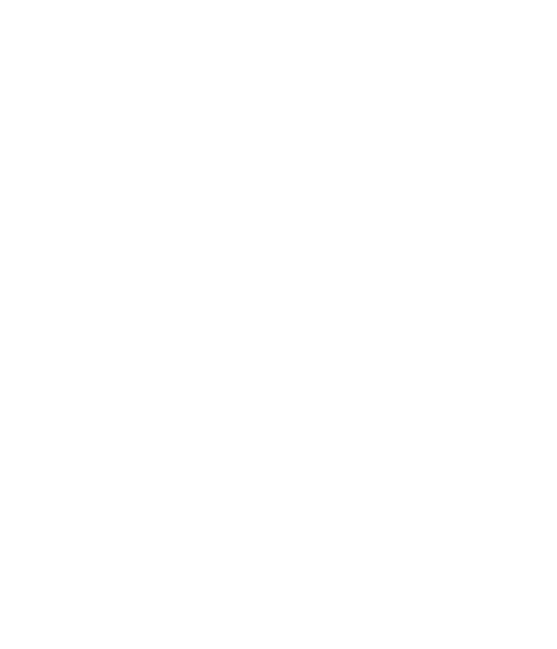 This screenshot has height=649, width=557. Describe the element at coordinates (118, 634) in the screenshot. I see `'.'` at that location.